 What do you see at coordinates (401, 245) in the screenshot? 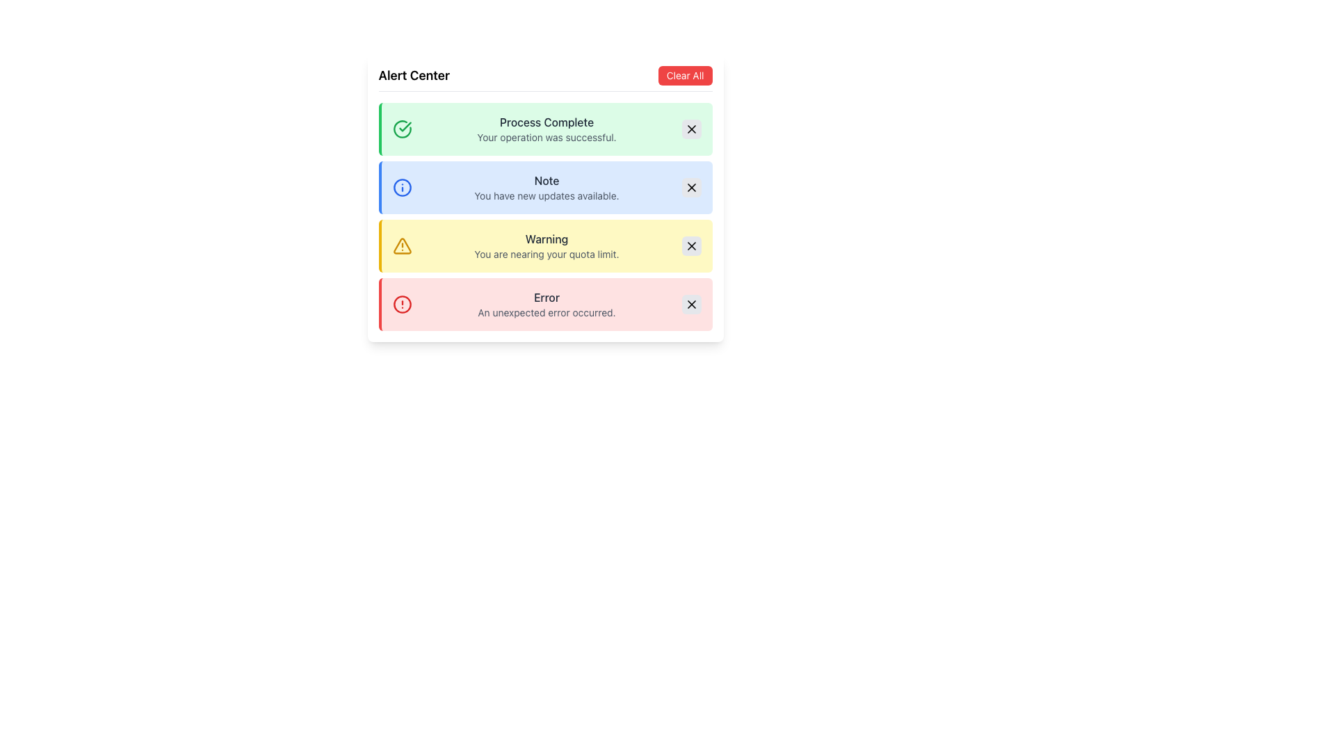
I see `the triangular caution icon located in the warning section of the Alert Center interface` at bounding box center [401, 245].